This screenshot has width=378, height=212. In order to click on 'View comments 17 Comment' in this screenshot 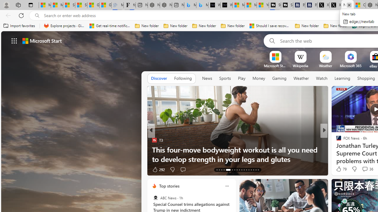, I will do `click(364, 169)`.